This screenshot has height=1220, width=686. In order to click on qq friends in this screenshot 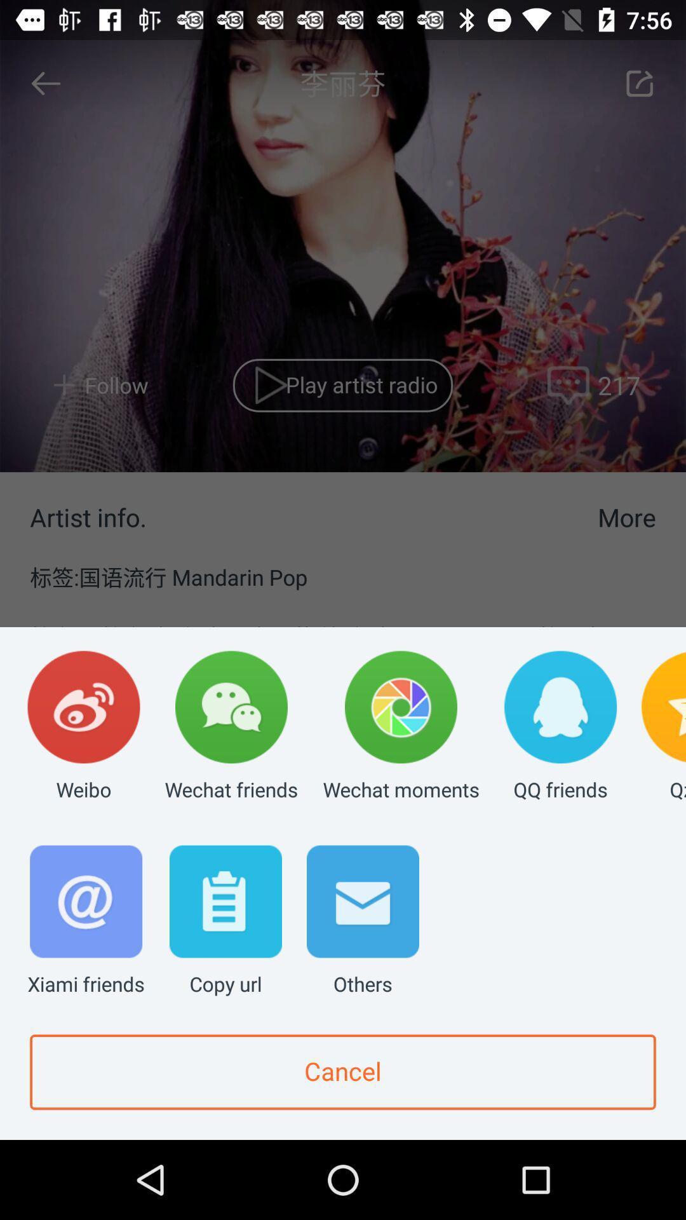, I will do `click(560, 727)`.